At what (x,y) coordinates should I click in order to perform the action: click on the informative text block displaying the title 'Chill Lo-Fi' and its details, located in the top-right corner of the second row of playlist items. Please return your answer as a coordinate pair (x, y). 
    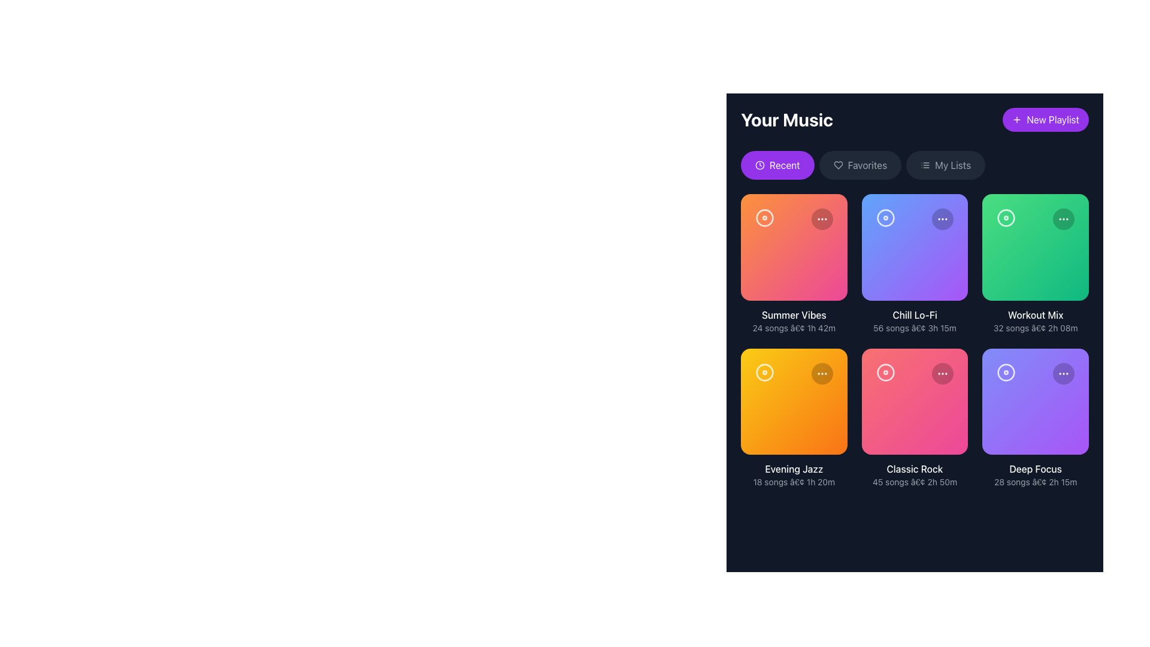
    Looking at the image, I should click on (914, 320).